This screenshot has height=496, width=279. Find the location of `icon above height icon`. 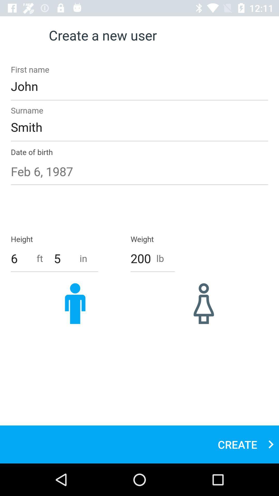

icon above height icon is located at coordinates (139, 171).